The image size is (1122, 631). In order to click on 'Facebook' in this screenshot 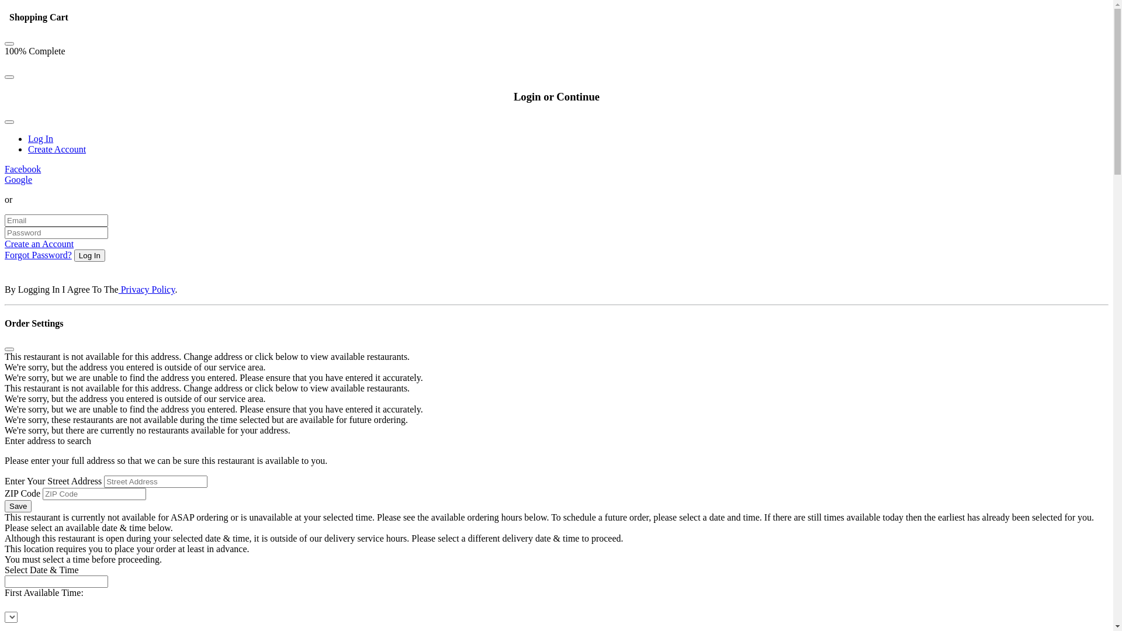, I will do `click(22, 169)`.